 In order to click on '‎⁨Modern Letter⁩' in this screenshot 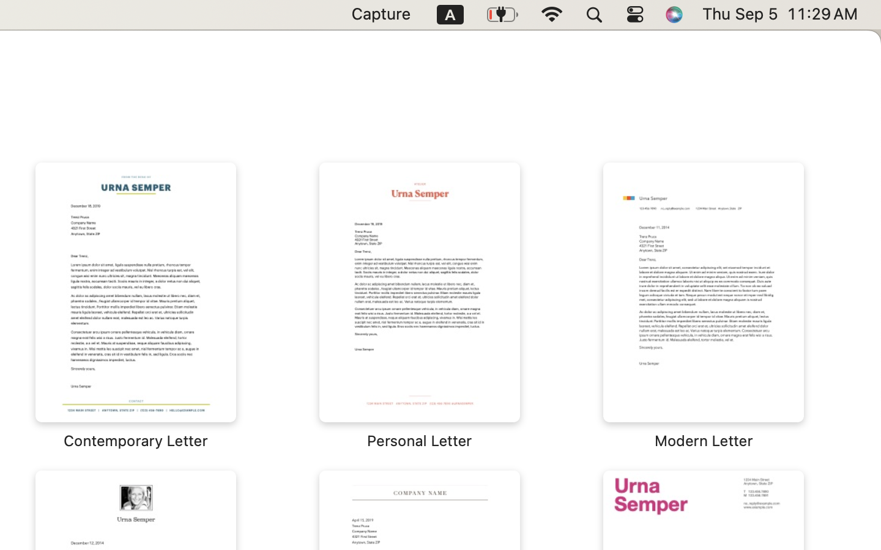, I will do `click(703, 306)`.